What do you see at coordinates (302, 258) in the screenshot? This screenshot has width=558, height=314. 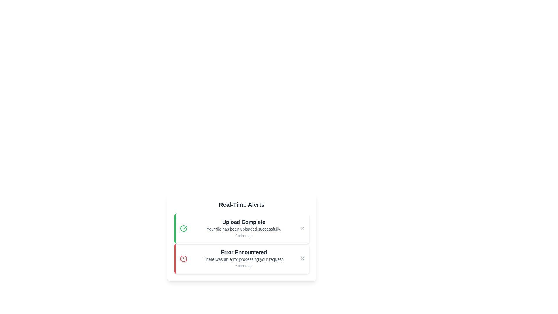 I see `the dismiss button of the 'Error Encountered' alert message to change its color` at bounding box center [302, 258].